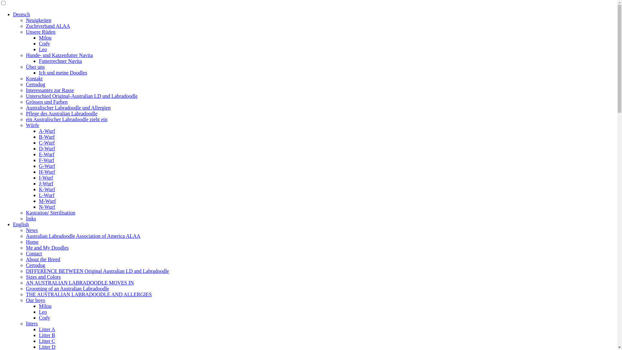 This screenshot has height=350, width=622. What do you see at coordinates (13, 14) in the screenshot?
I see `'Deutsch'` at bounding box center [13, 14].